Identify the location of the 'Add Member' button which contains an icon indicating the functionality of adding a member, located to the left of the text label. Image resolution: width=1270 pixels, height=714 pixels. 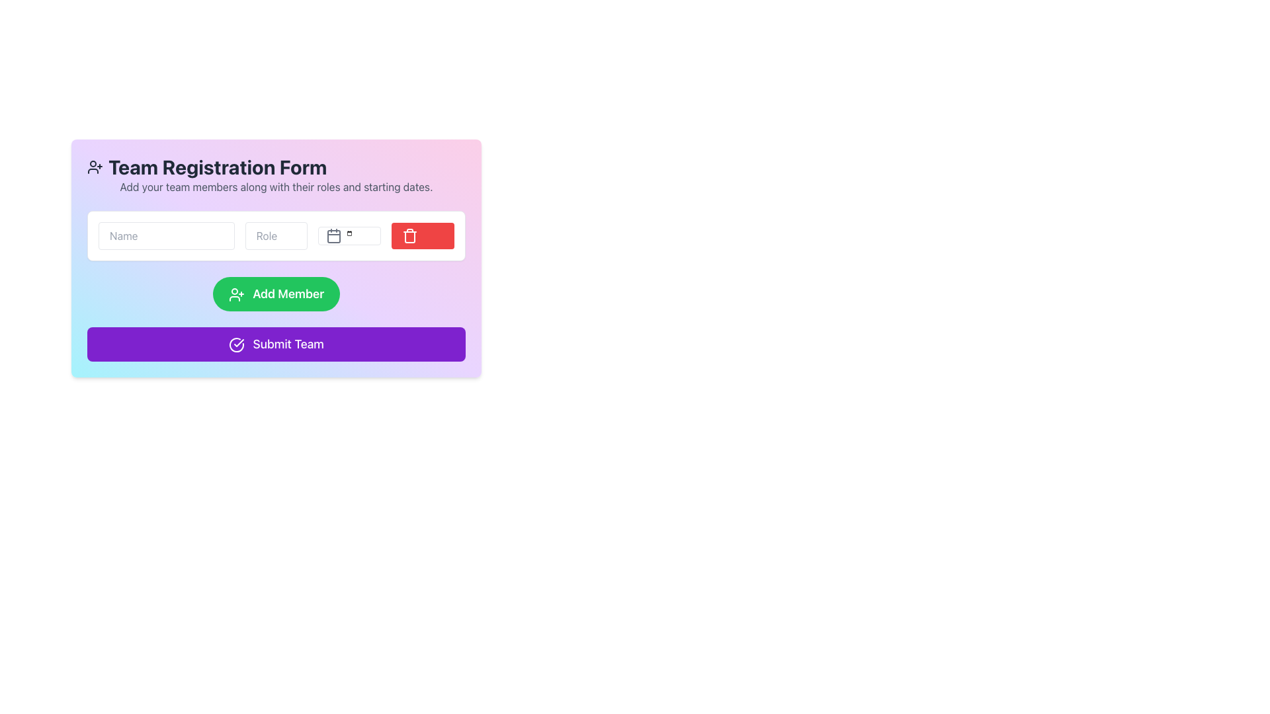
(236, 294).